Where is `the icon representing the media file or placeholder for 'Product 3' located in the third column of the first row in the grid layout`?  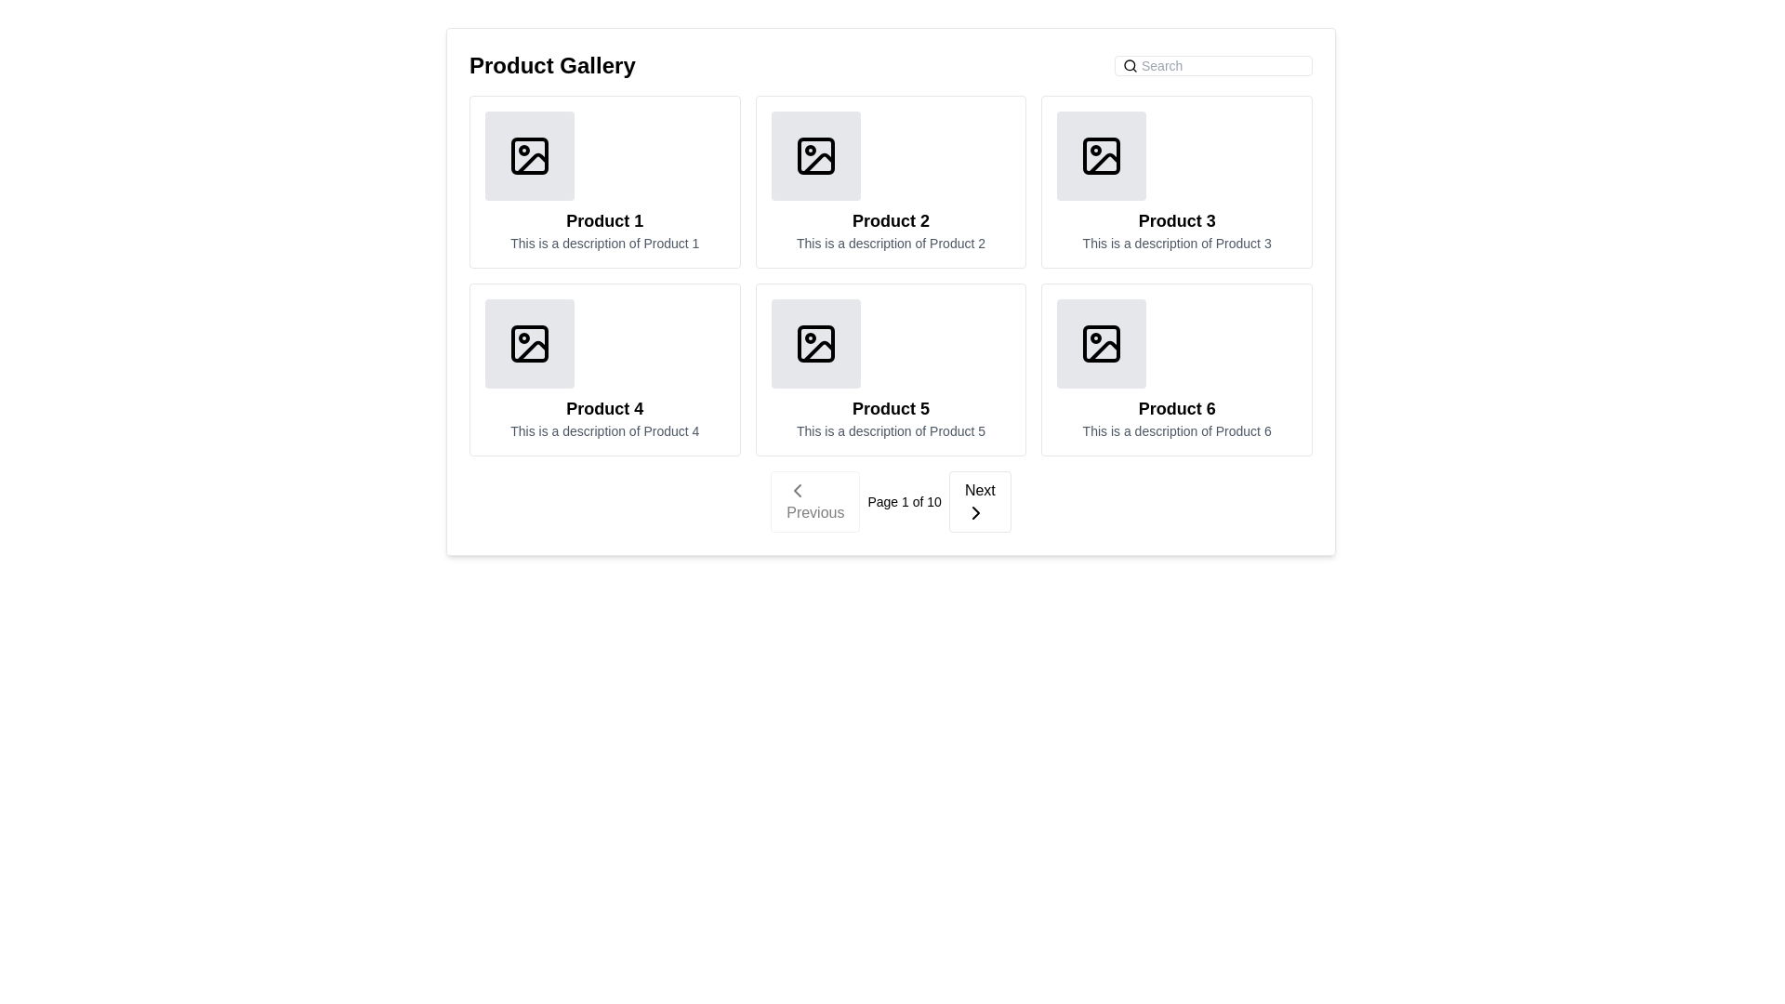 the icon representing the media file or placeholder for 'Product 3' located in the third column of the first row in the grid layout is located at coordinates (1102, 155).